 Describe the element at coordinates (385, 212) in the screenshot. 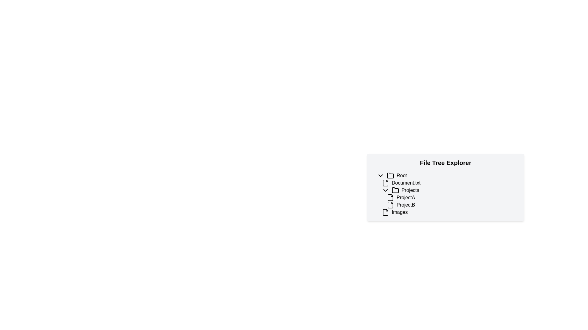

I see `the document icon located` at that location.